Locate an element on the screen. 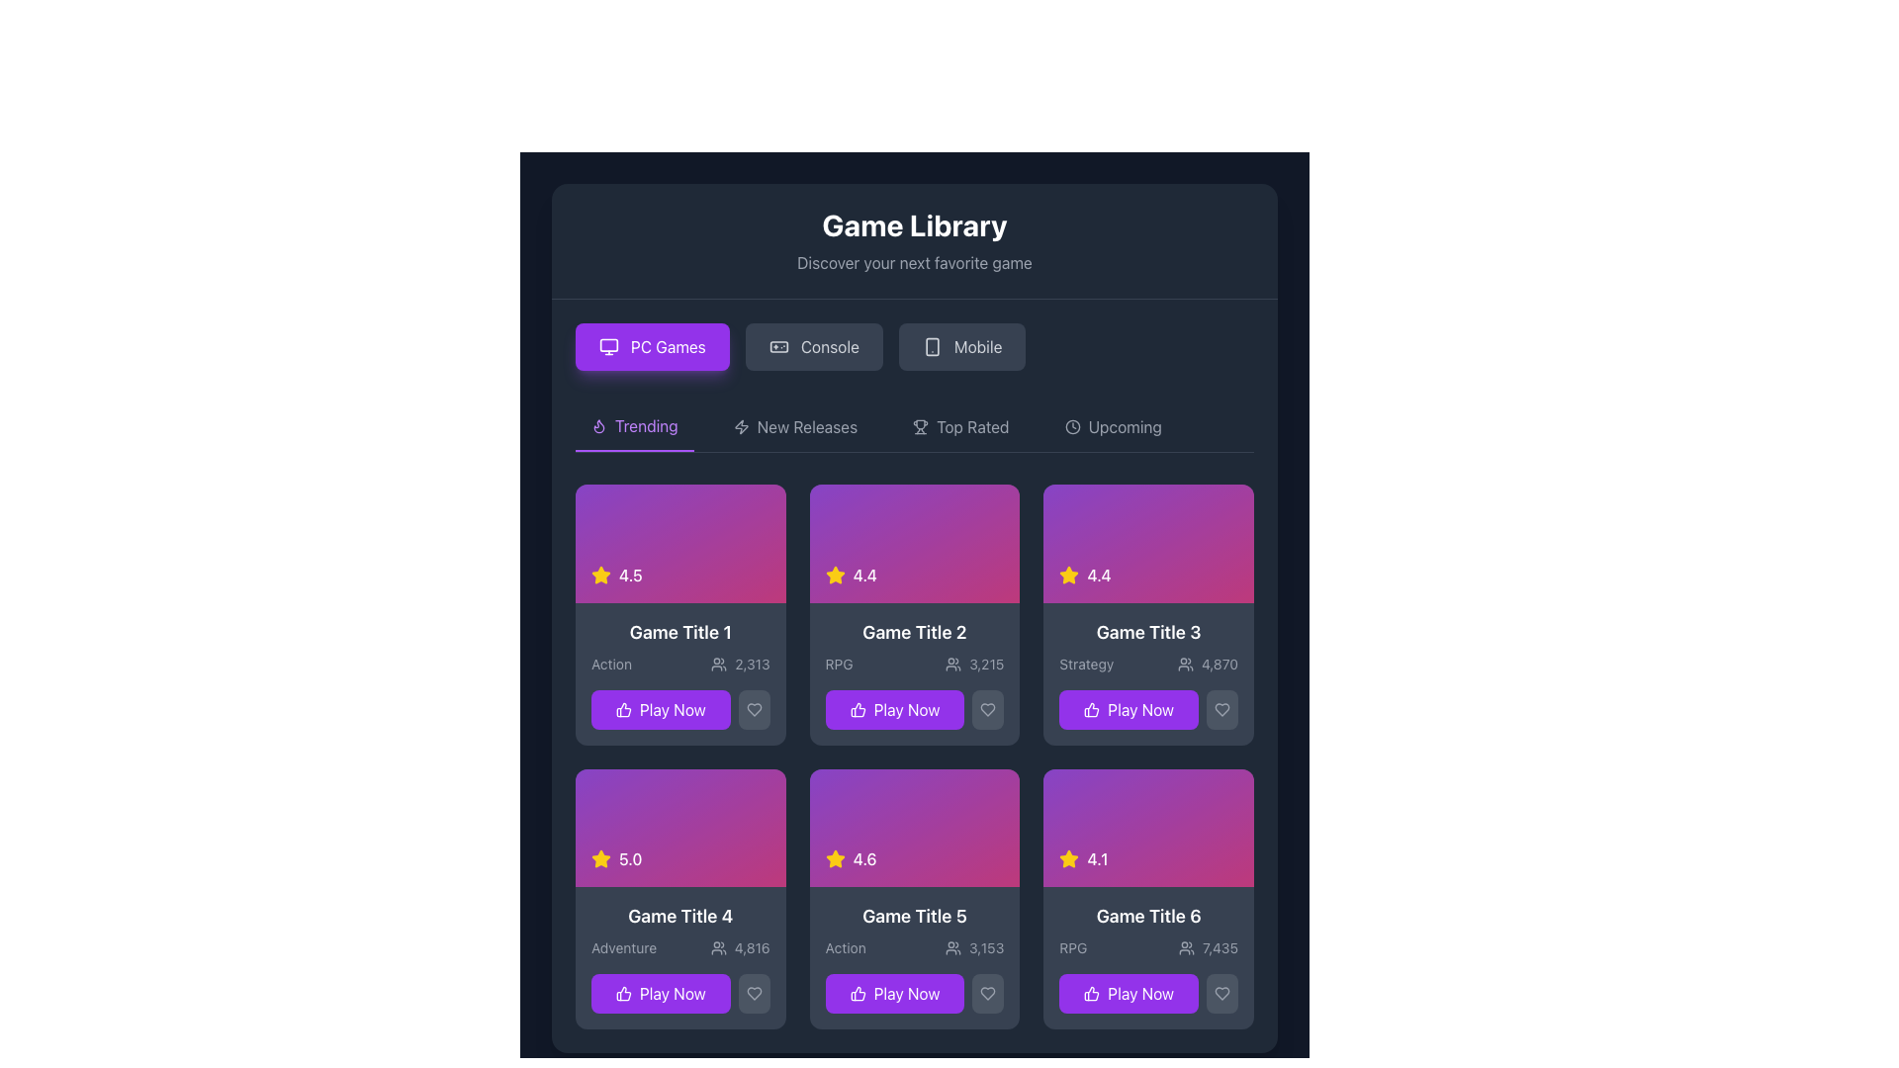 This screenshot has width=1899, height=1068. the informational Text label indicating a statistic or count related to the card's content, located in the bottom-right region of the sixth card in a grid layout is located at coordinates (1219, 947).